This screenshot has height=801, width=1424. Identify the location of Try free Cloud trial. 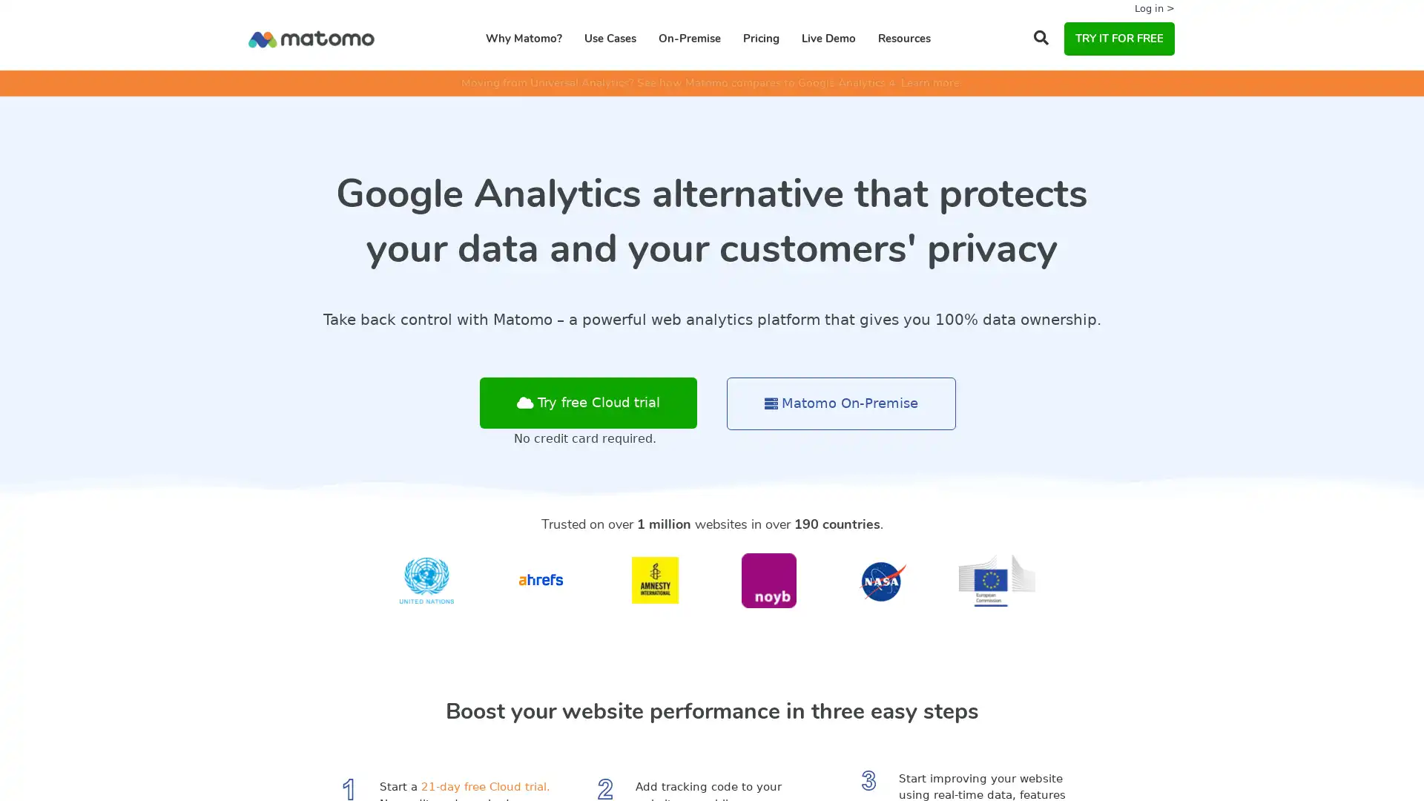
(587, 403).